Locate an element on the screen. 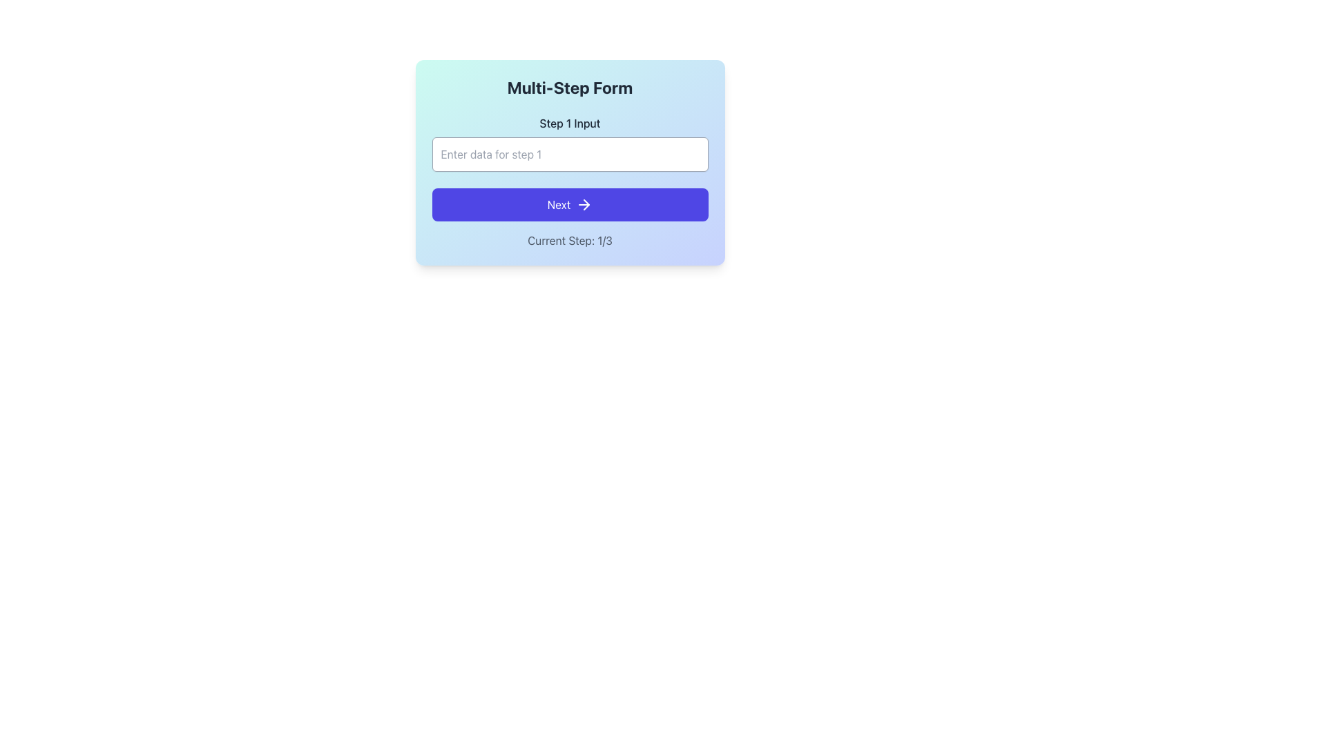 The image size is (1326, 745). the rightward arrow icon on the 'Next' button, which is a minimalist design in white on a blue background, located at the bottom-center of the form card is located at coordinates (584, 205).